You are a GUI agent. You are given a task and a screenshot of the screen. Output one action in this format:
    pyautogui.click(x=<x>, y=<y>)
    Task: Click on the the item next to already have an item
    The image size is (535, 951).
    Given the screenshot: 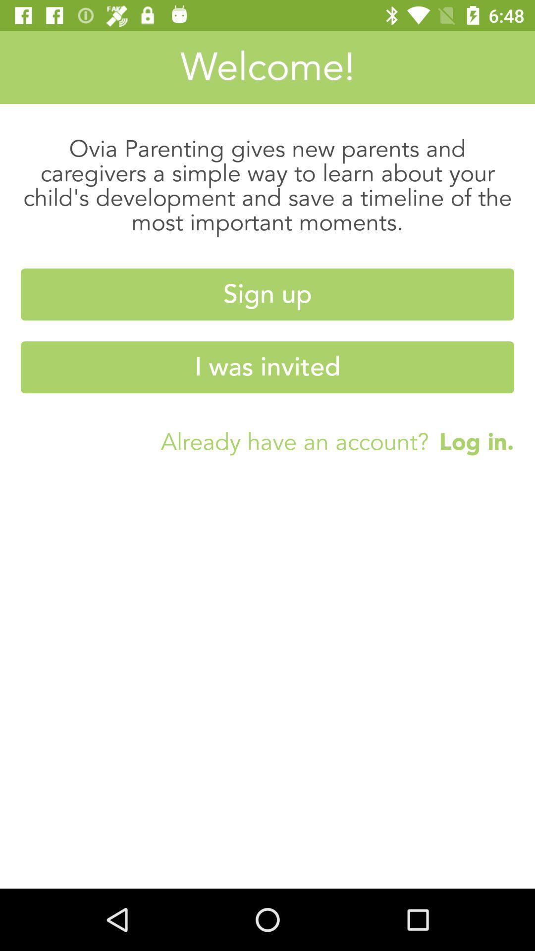 What is the action you would take?
    pyautogui.click(x=471, y=441)
    